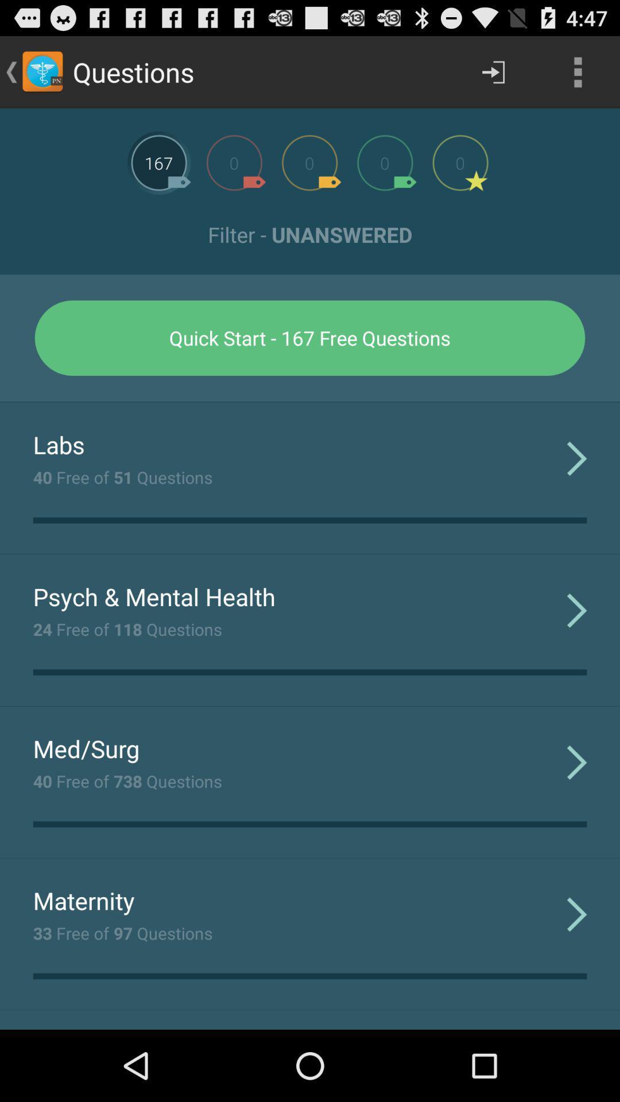 The width and height of the screenshot is (620, 1102). What do you see at coordinates (460, 162) in the screenshot?
I see `count` at bounding box center [460, 162].